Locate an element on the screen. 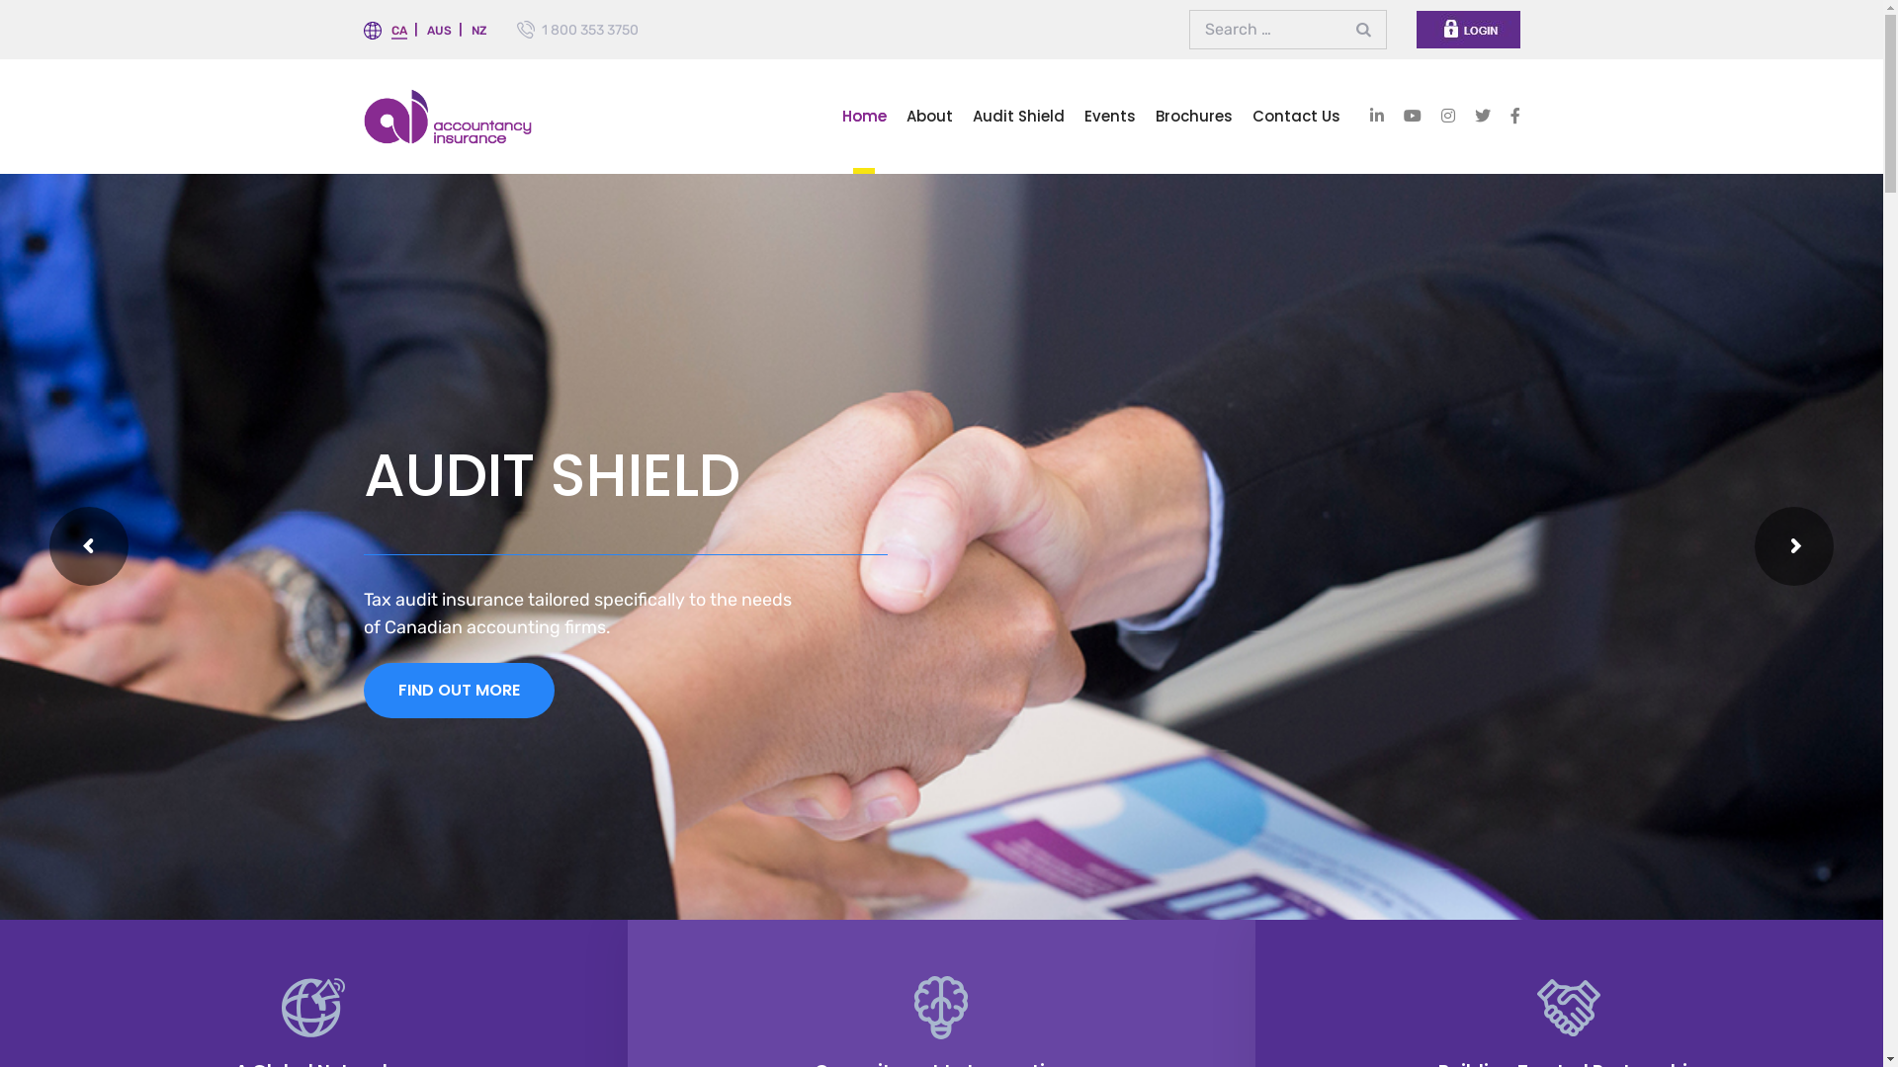 The image size is (1898, 1067). '1 800 353 3750' is located at coordinates (588, 30).